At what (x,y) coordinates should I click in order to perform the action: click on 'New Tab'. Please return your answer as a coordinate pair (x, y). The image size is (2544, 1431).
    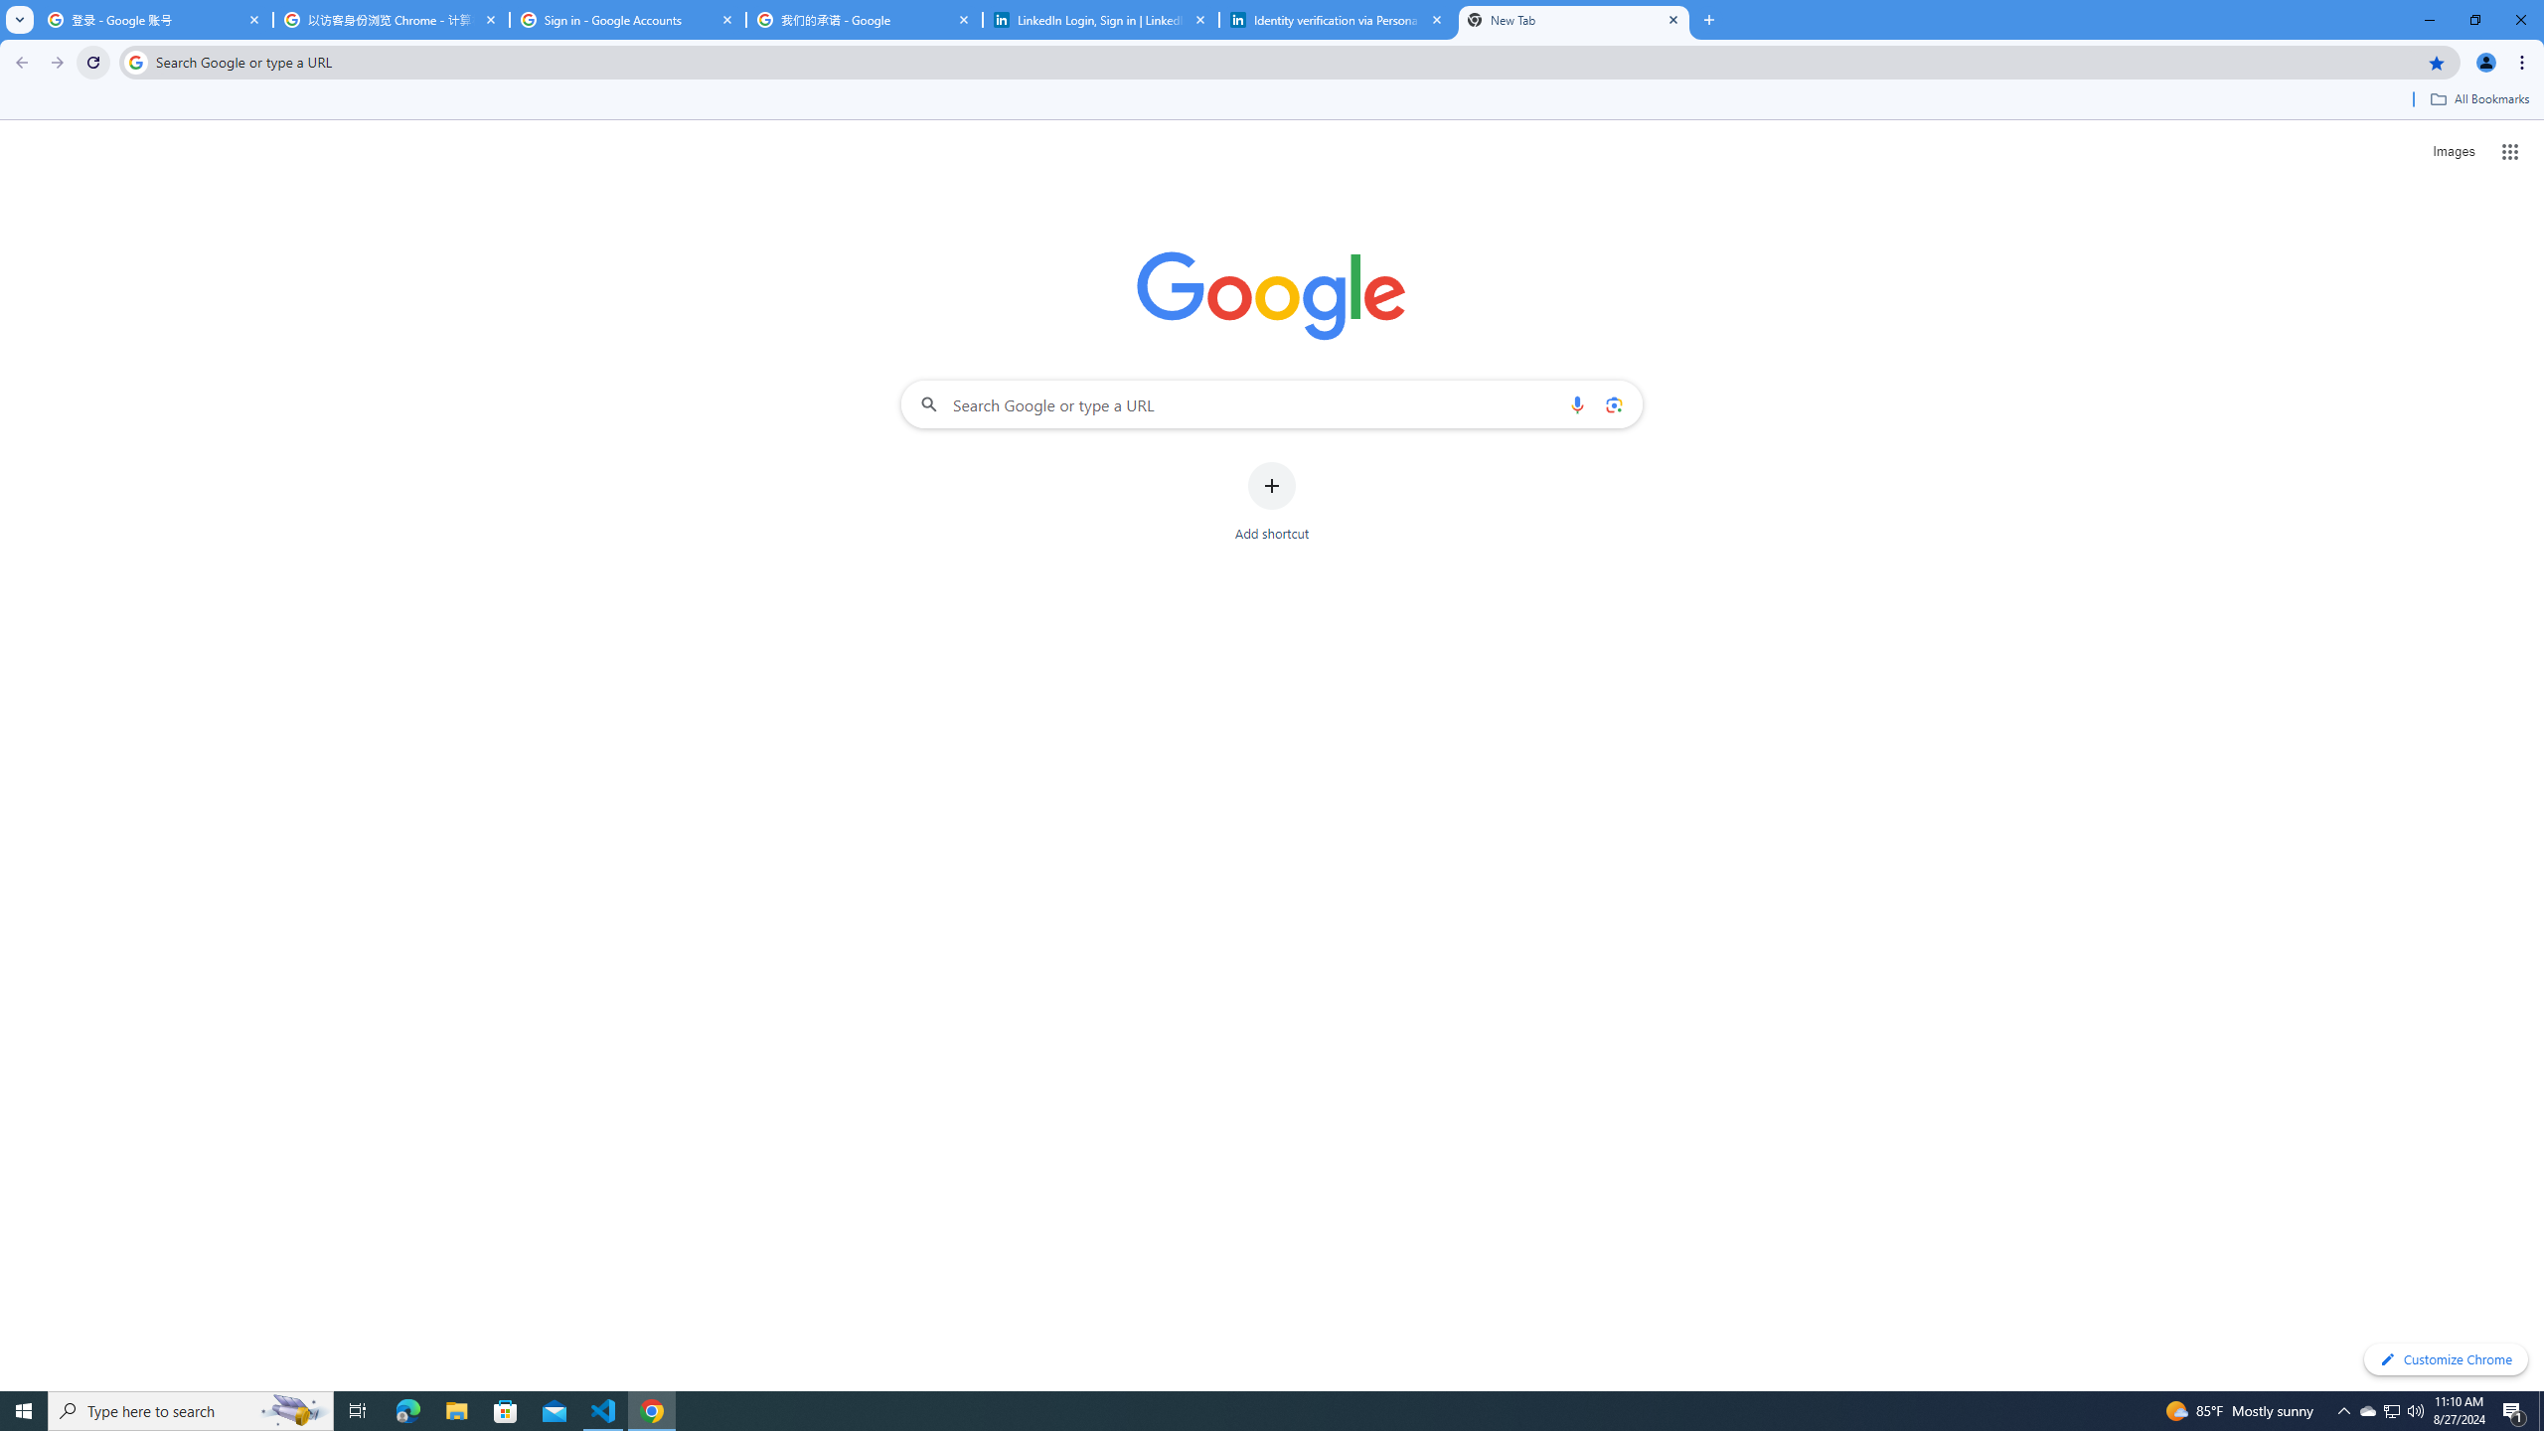
    Looking at the image, I should click on (1573, 19).